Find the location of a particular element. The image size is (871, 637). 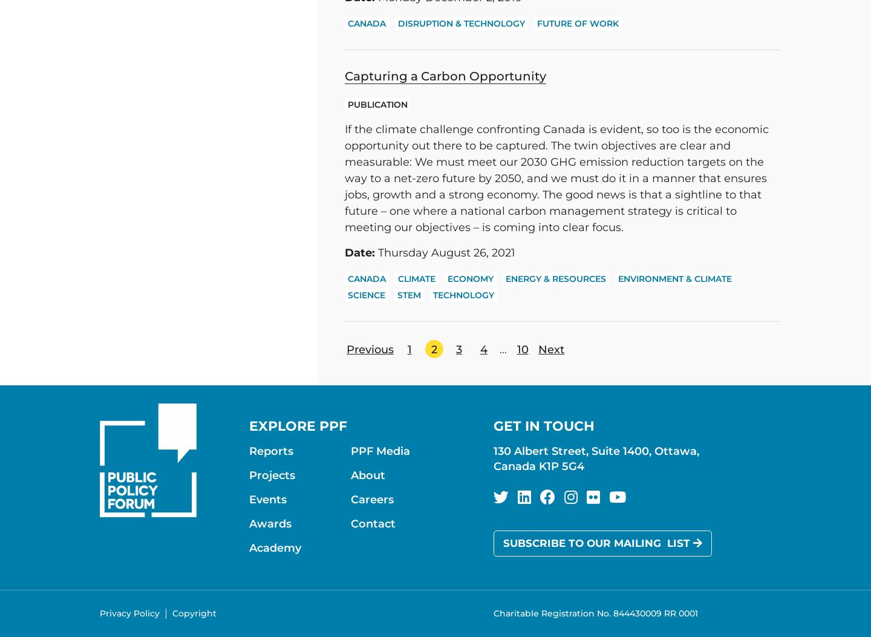

'Thursday August 26, 2021' is located at coordinates (444, 253).